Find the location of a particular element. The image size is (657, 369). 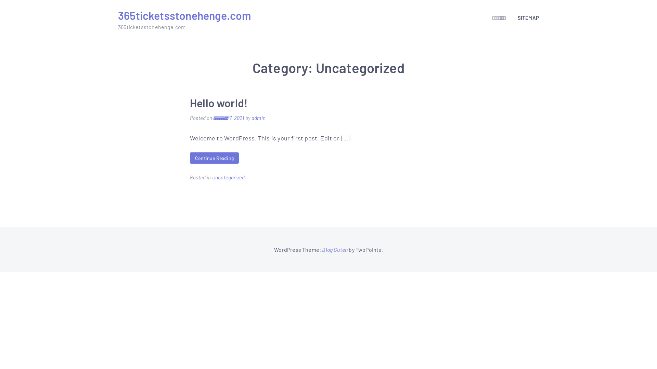

'Blog Guten' is located at coordinates (335, 249).